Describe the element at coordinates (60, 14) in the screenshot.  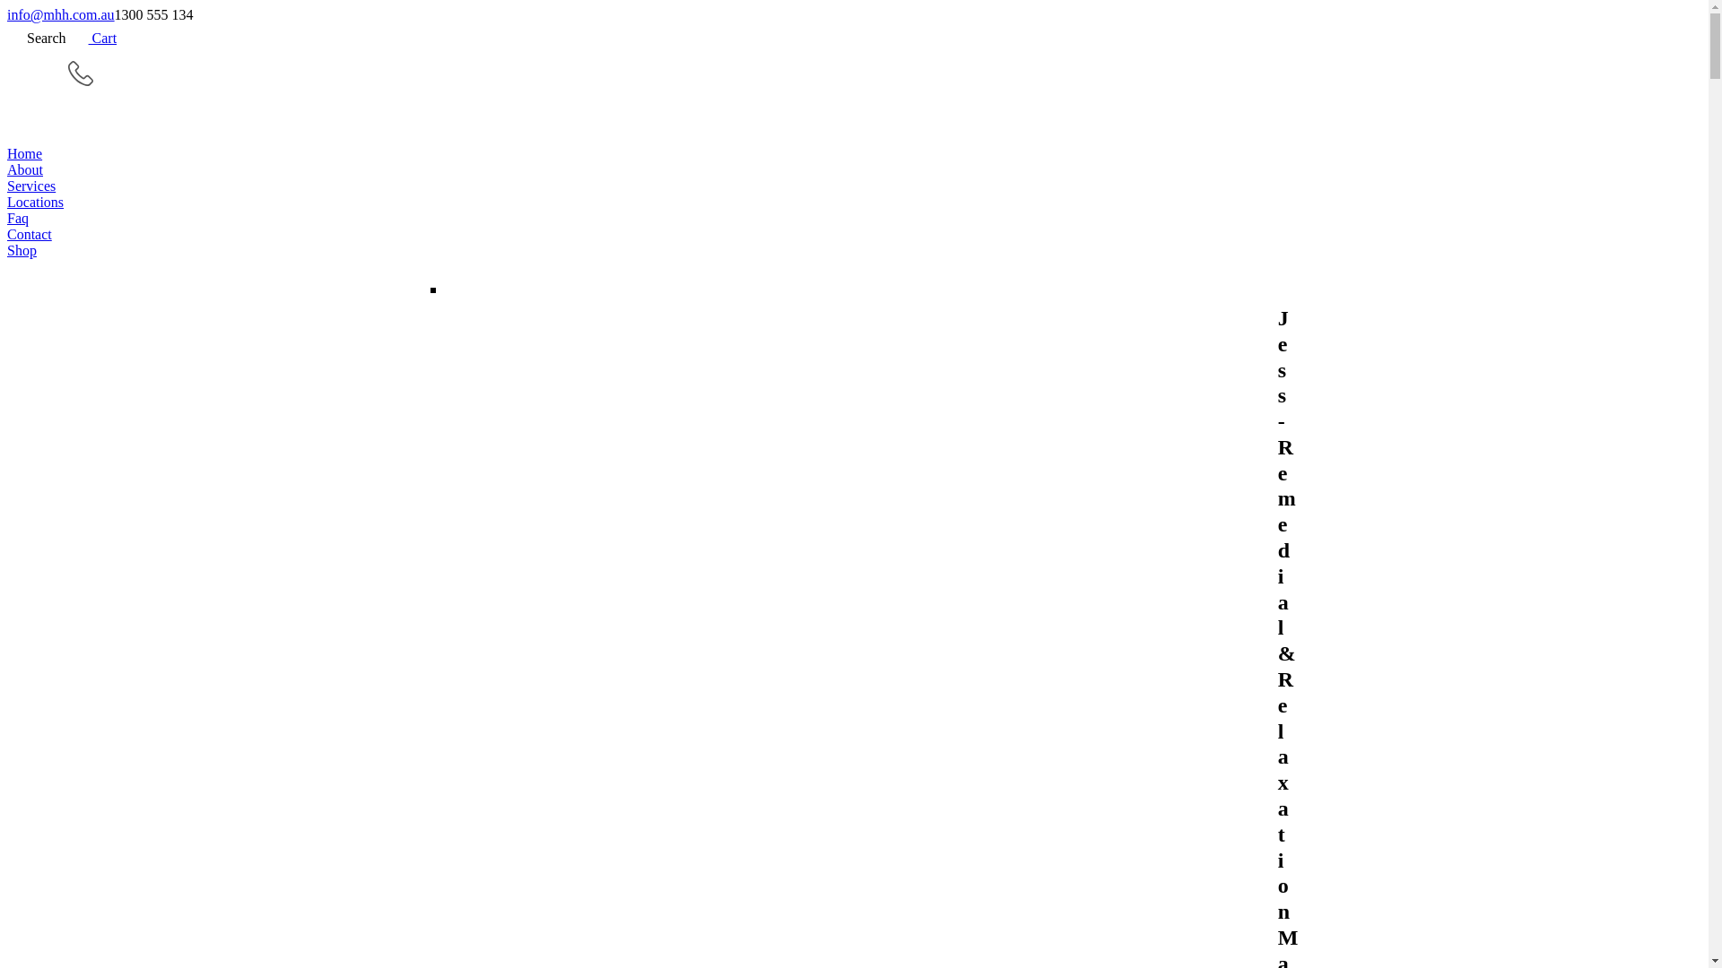
I see `'info@mhh.com.au'` at that location.